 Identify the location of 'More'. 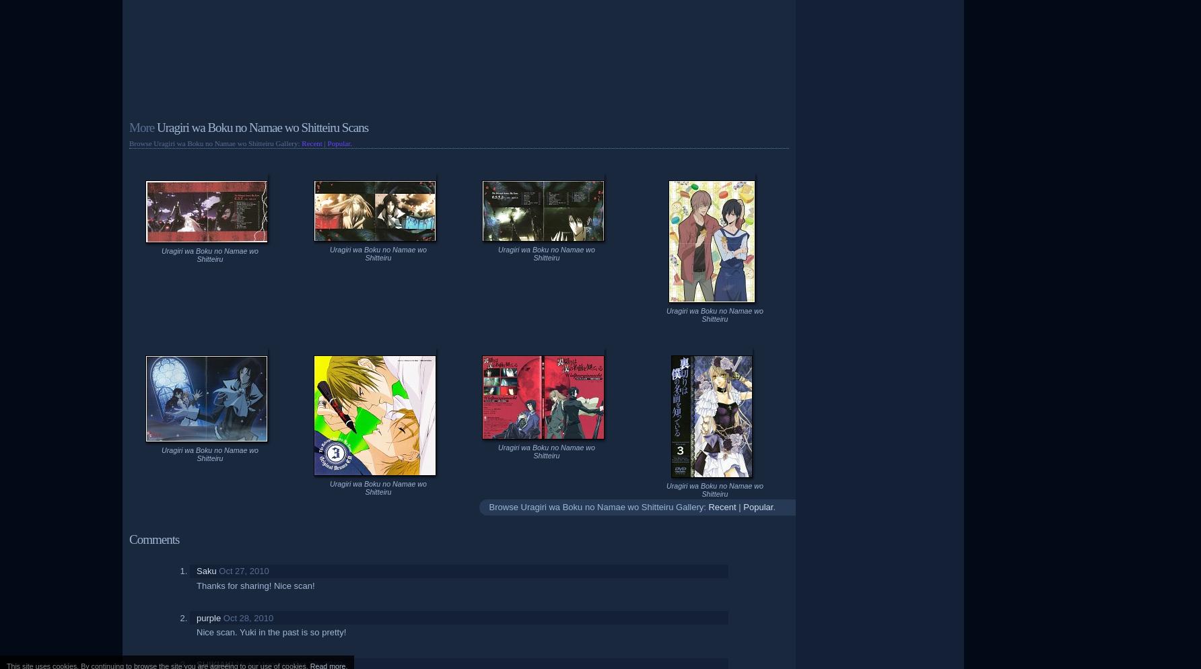
(141, 127).